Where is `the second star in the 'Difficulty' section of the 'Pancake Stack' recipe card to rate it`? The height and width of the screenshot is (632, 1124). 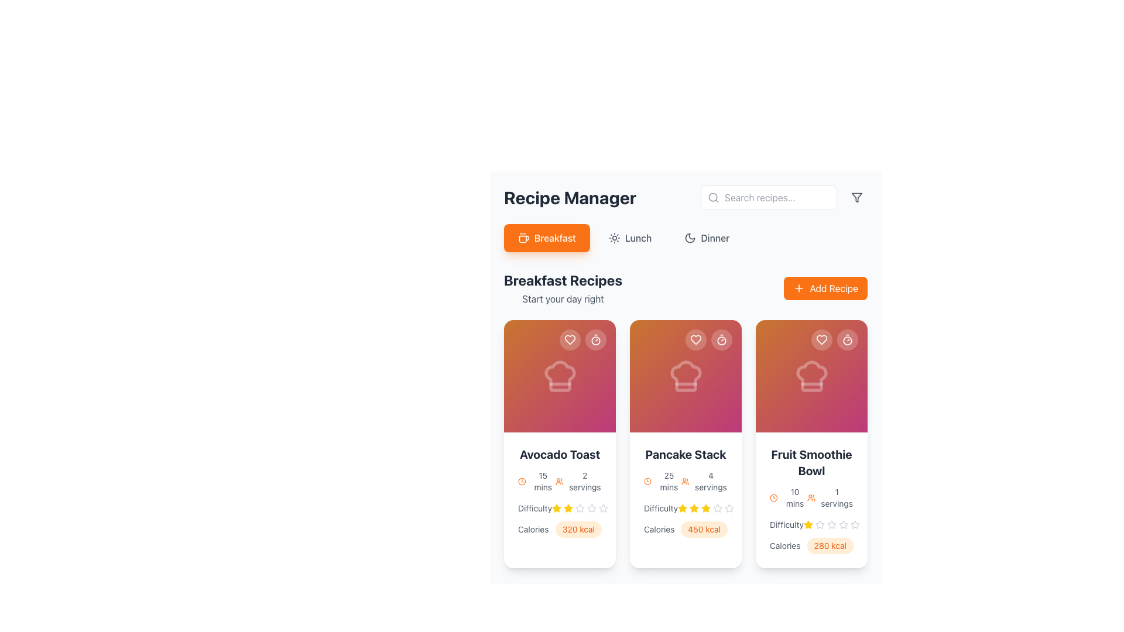 the second star in the 'Difficulty' section of the 'Pancake Stack' recipe card to rate it is located at coordinates (705, 507).